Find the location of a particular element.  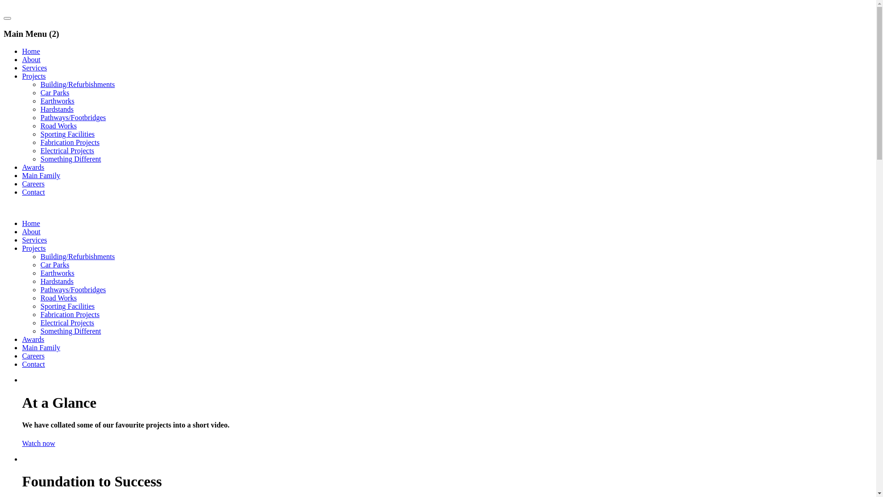

'Car Parks' is located at coordinates (54, 92).